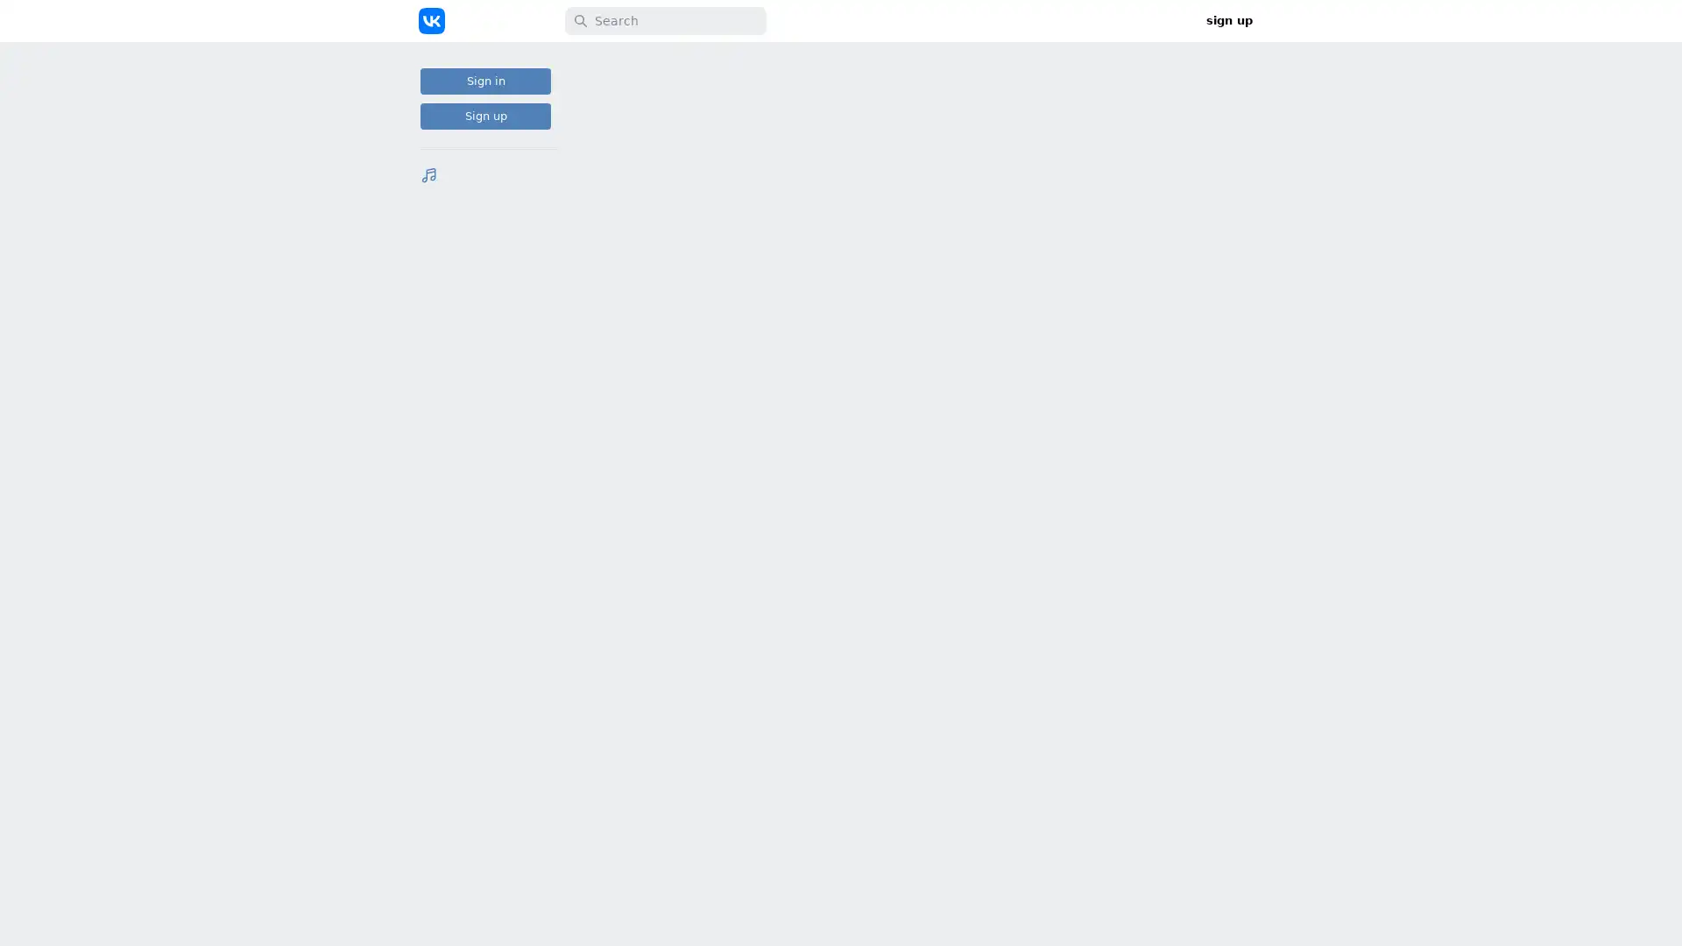 The width and height of the screenshot is (1682, 946). I want to click on Close, so click(1243, 927).